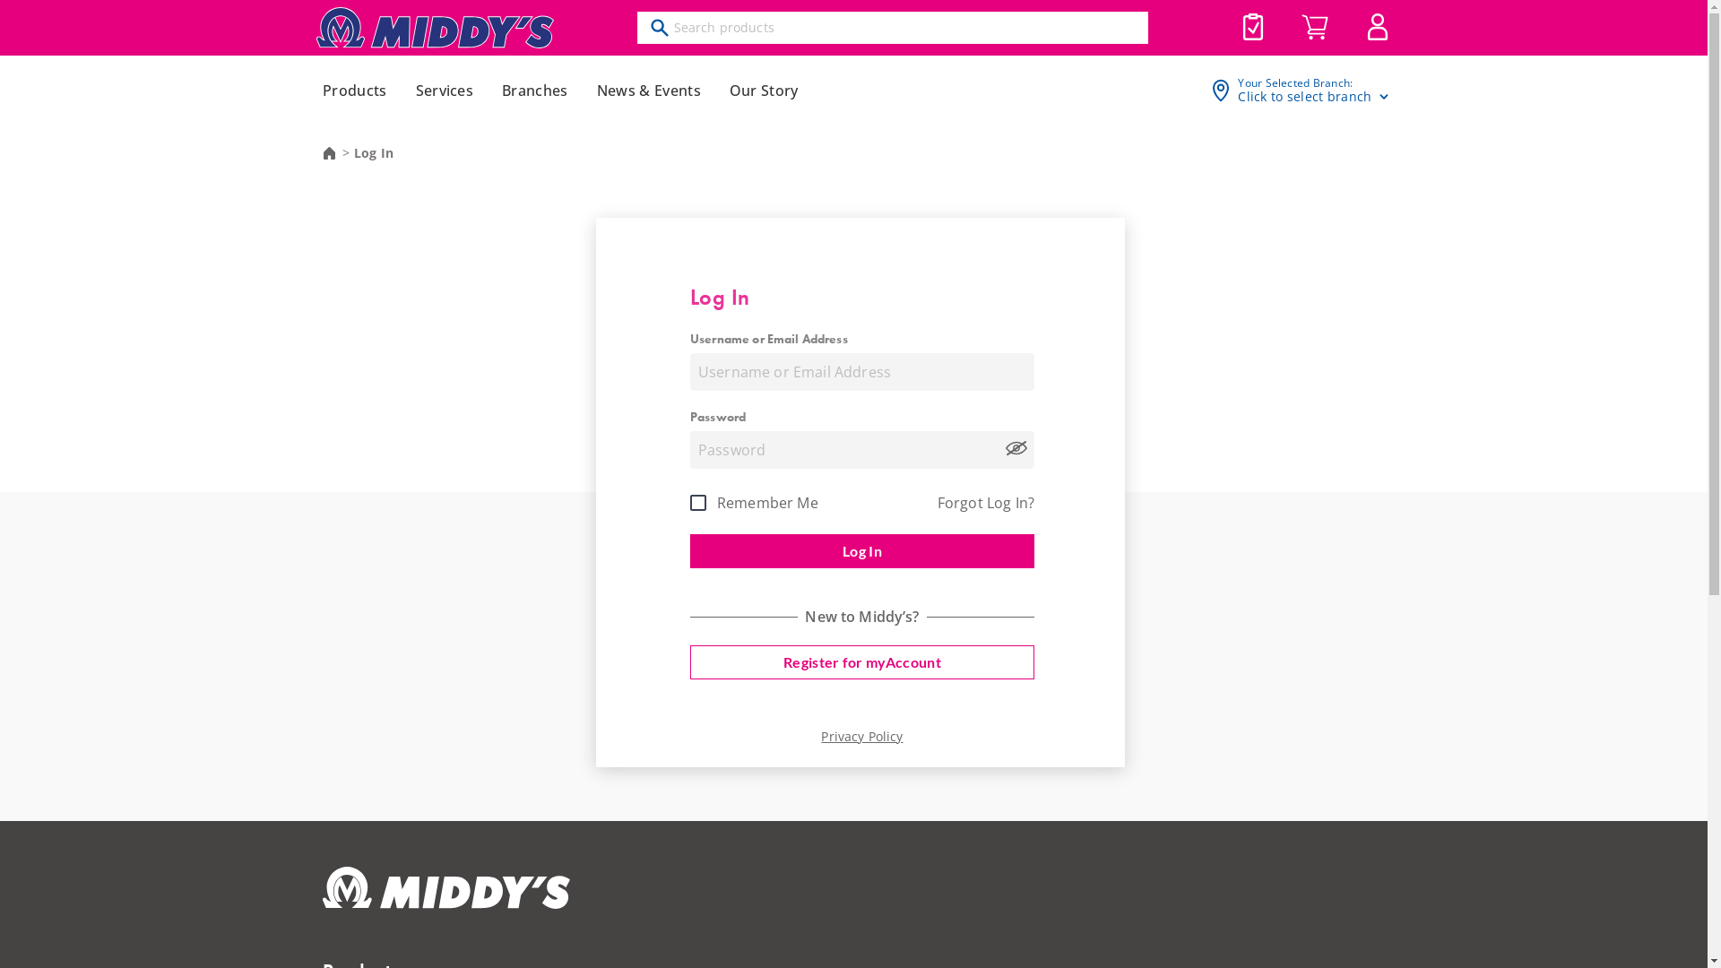 This screenshot has height=968, width=1721. I want to click on 'Forgot Log In?', so click(984, 503).